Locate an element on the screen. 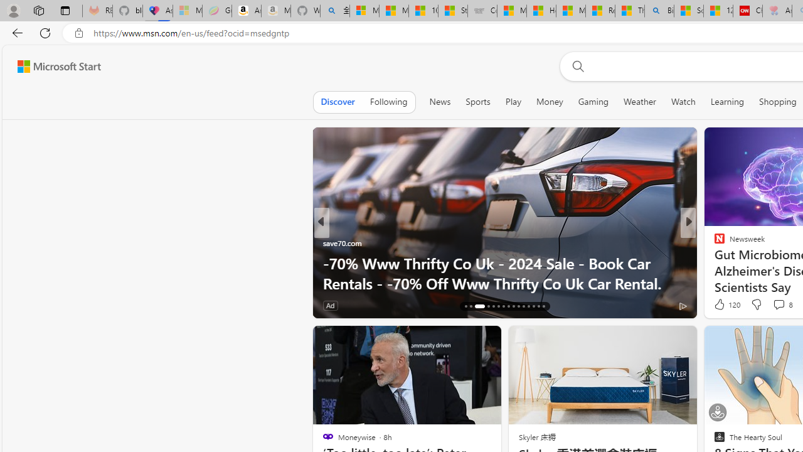 This screenshot has height=452, width=803. 'AutomationID: tab-22' is located at coordinates (503, 306).